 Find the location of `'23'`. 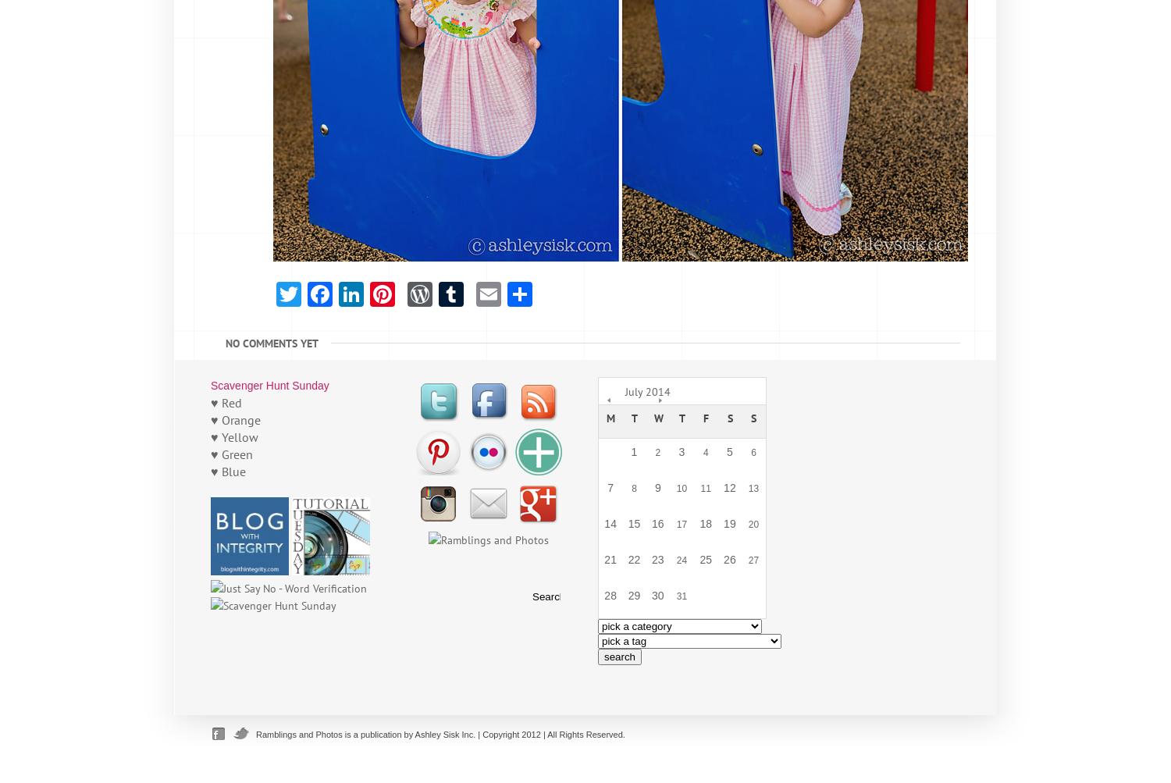

'23' is located at coordinates (656, 559).